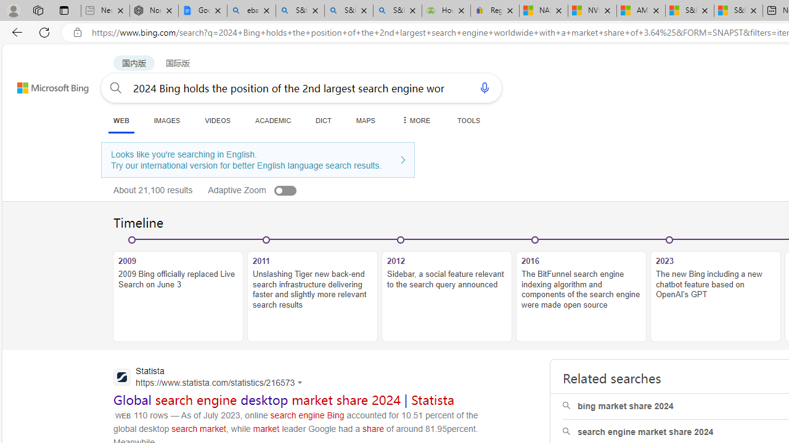  What do you see at coordinates (324, 120) in the screenshot?
I see `'DICT'` at bounding box center [324, 120].